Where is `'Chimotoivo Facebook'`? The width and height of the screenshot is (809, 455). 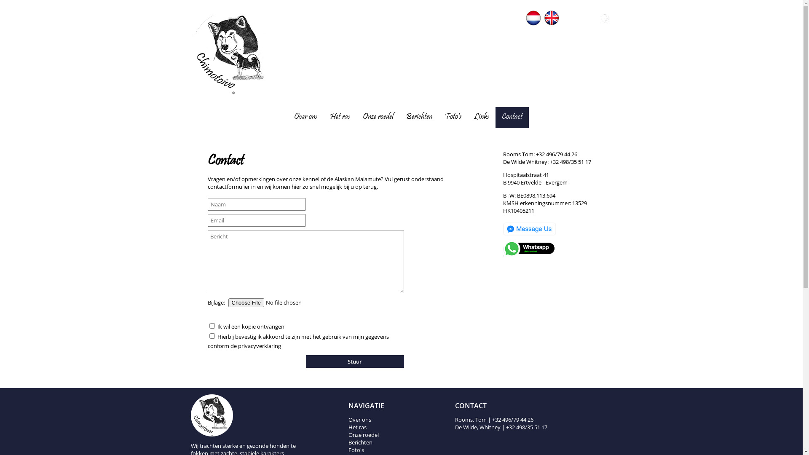
'Chimotoivo Facebook' is located at coordinates (562, 18).